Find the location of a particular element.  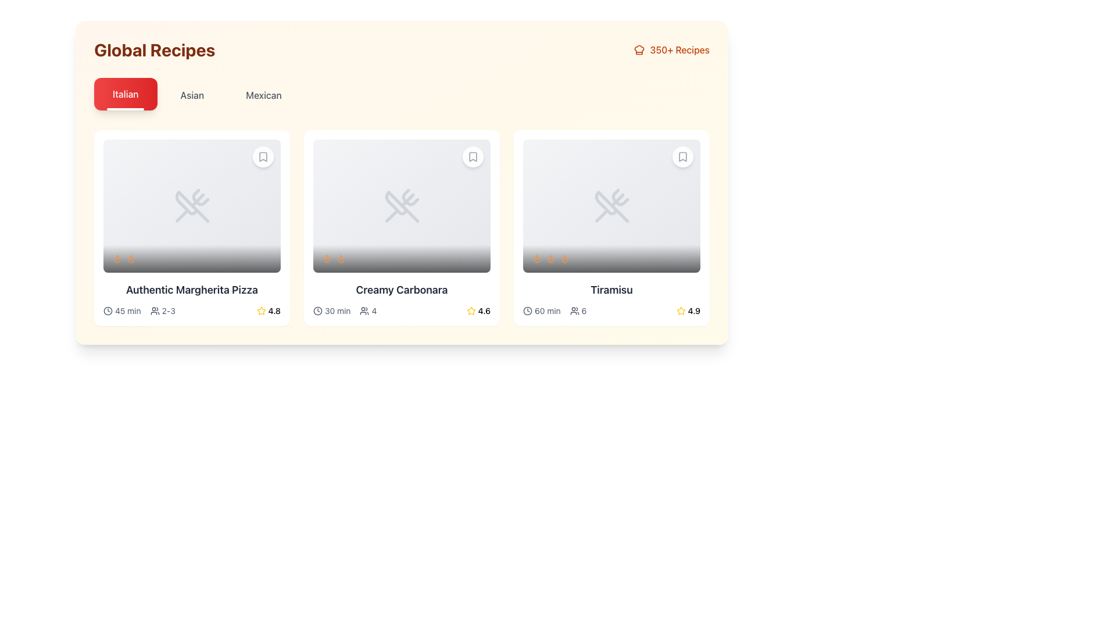

the informational display component that summarizes the metadata for the recipe titled 'Tiramisu', located at the bottom of the card within the 'Italian' section is located at coordinates (611, 310).